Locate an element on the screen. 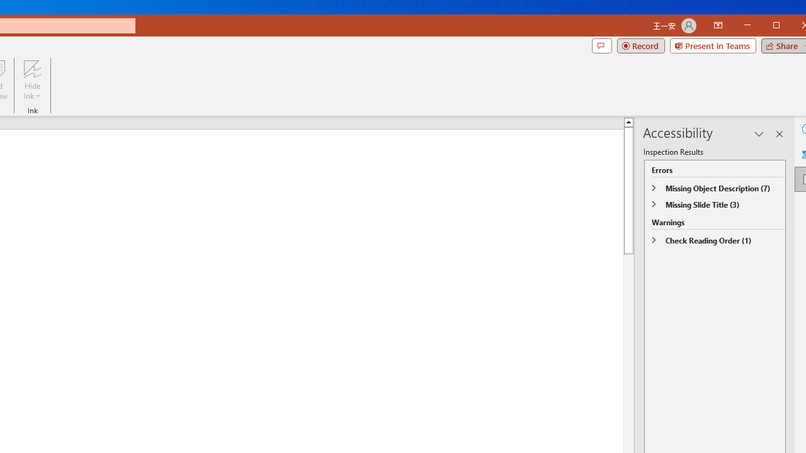 Image resolution: width=806 pixels, height=453 pixels. 'Maximize' is located at coordinates (794, 26).